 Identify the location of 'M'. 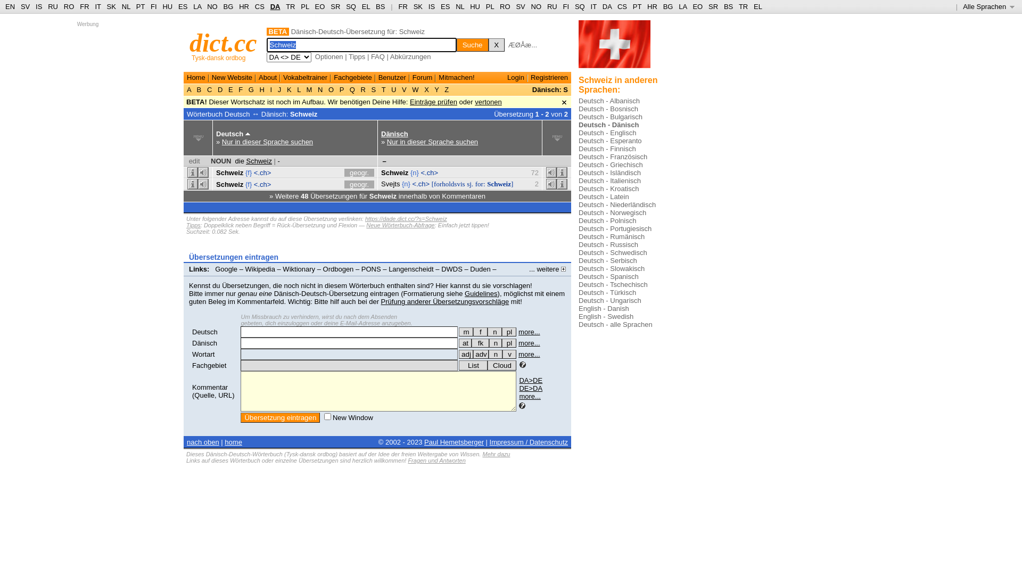
(308, 89).